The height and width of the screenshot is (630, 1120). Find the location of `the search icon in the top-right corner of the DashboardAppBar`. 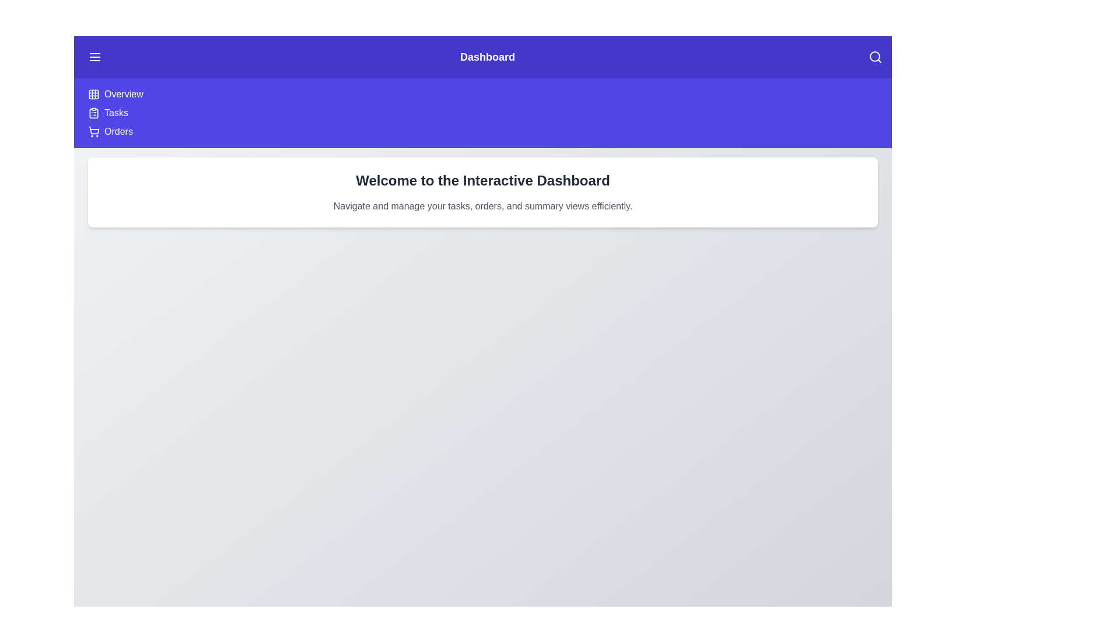

the search icon in the top-right corner of the DashboardAppBar is located at coordinates (876, 57).